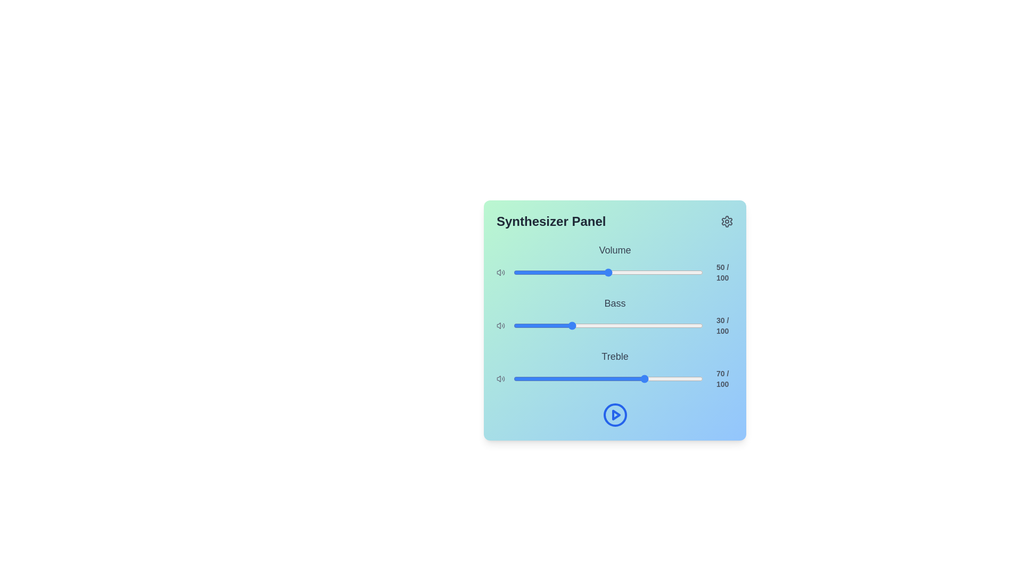 Image resolution: width=1022 pixels, height=574 pixels. Describe the element at coordinates (572, 378) in the screenshot. I see `the treble slider to 31 value` at that location.